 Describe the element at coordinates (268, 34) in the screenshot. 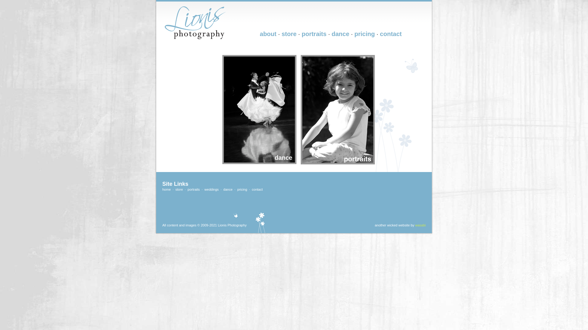

I see `'about'` at that location.